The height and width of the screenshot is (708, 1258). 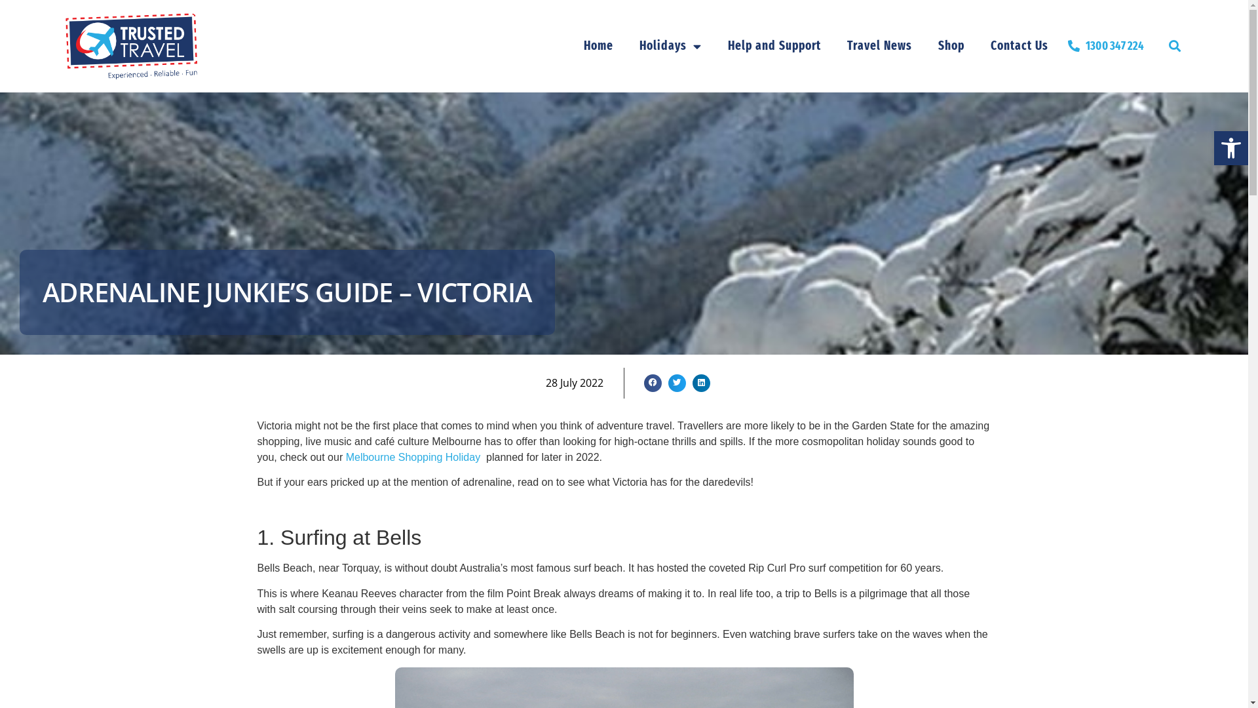 What do you see at coordinates (774, 45) in the screenshot?
I see `'Help and Support'` at bounding box center [774, 45].